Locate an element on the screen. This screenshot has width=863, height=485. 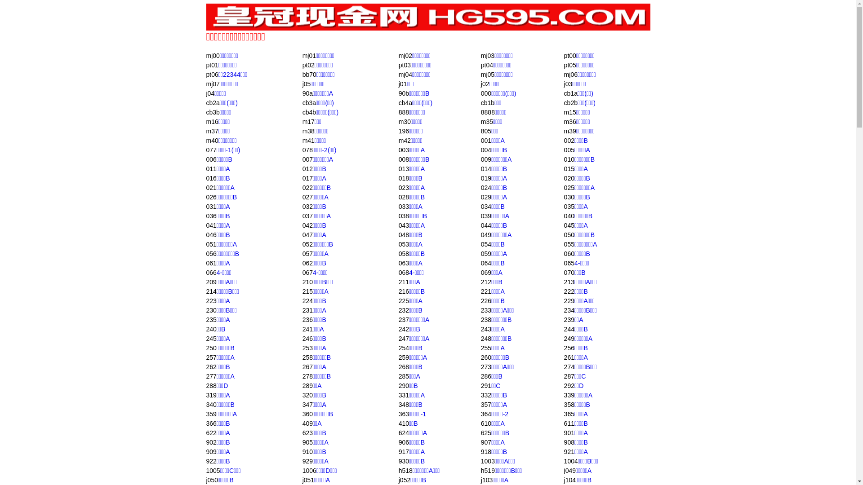
'002' is located at coordinates (569, 140).